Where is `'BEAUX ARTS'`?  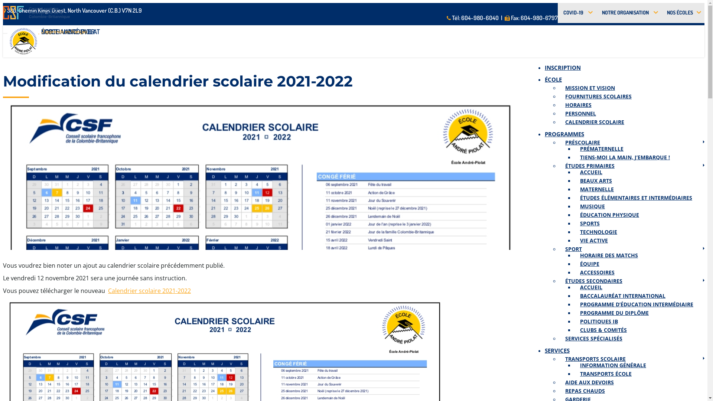 'BEAUX ARTS' is located at coordinates (597, 180).